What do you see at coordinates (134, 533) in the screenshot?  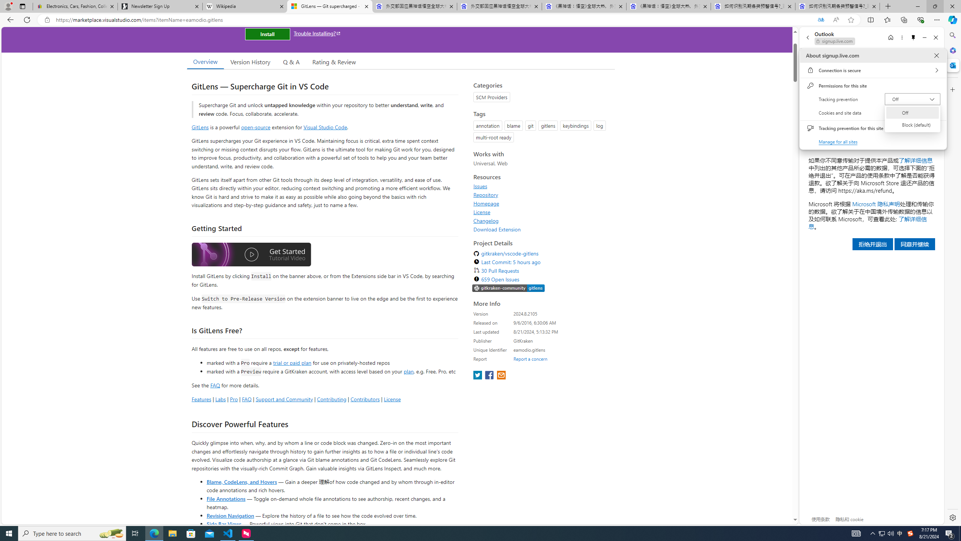 I see `'Task View'` at bounding box center [134, 533].